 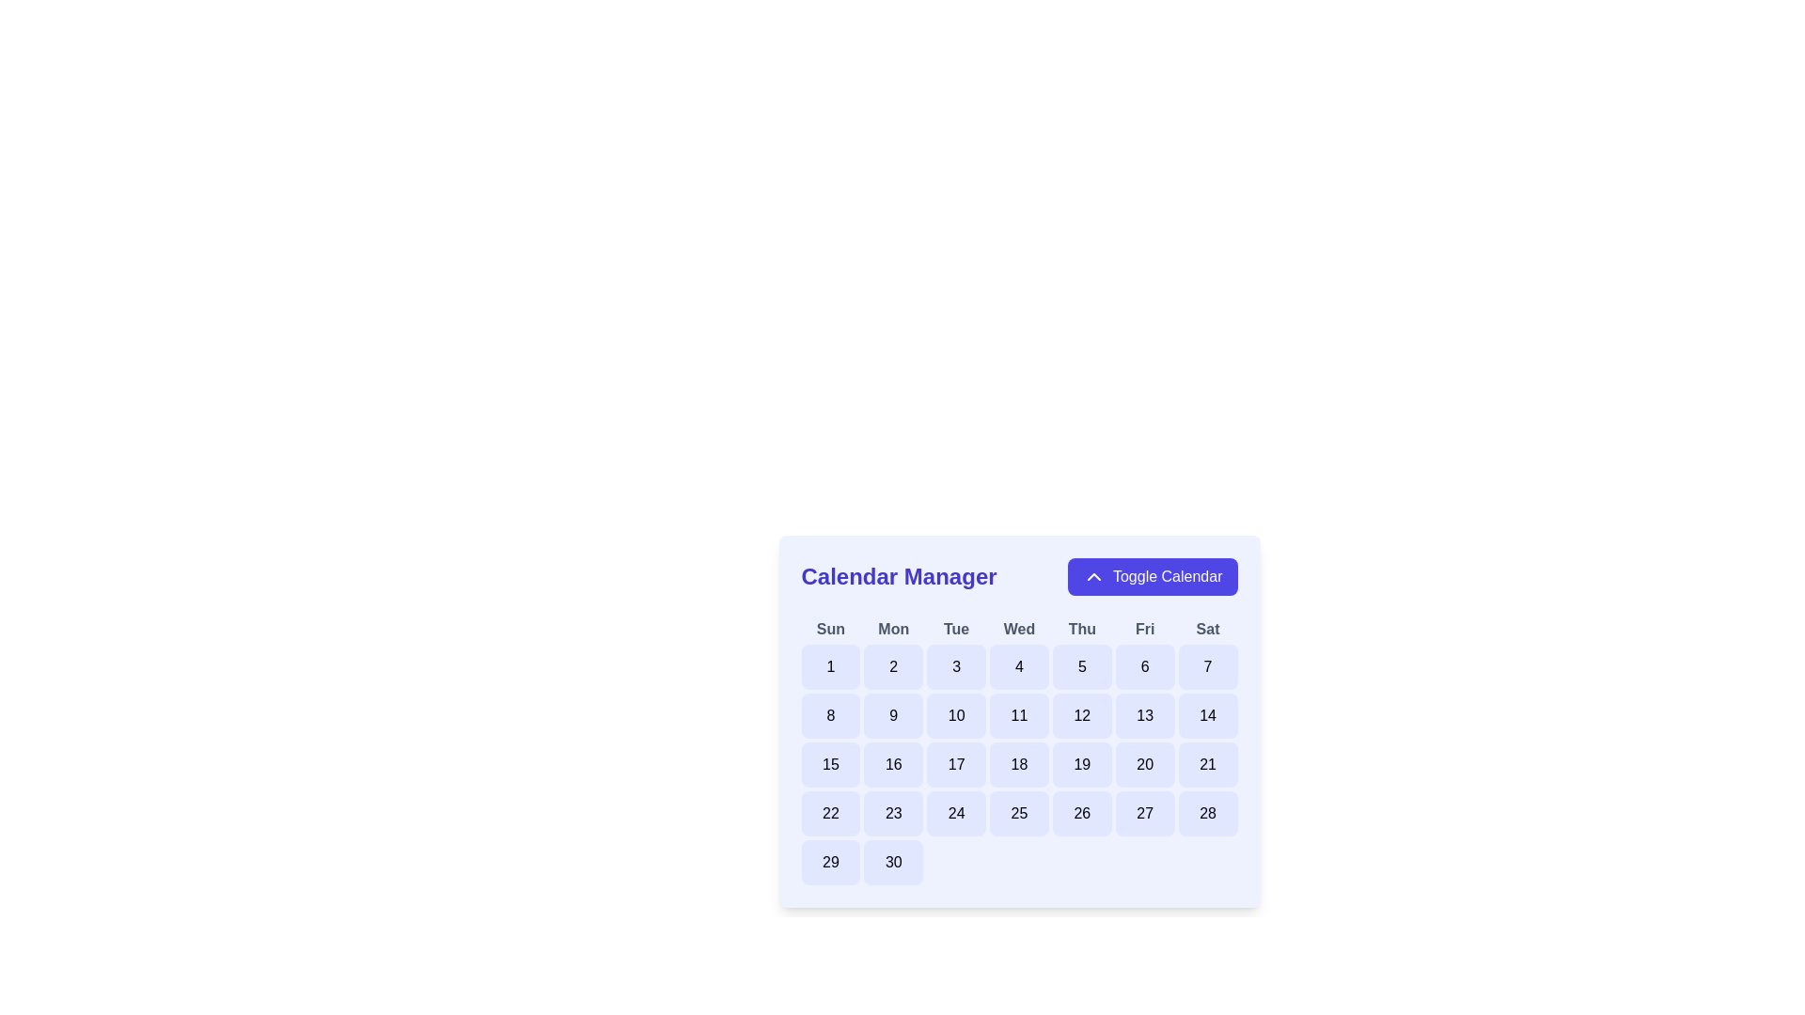 What do you see at coordinates (956, 665) in the screenshot?
I see `the interactive day '3' button in the calendar interface` at bounding box center [956, 665].